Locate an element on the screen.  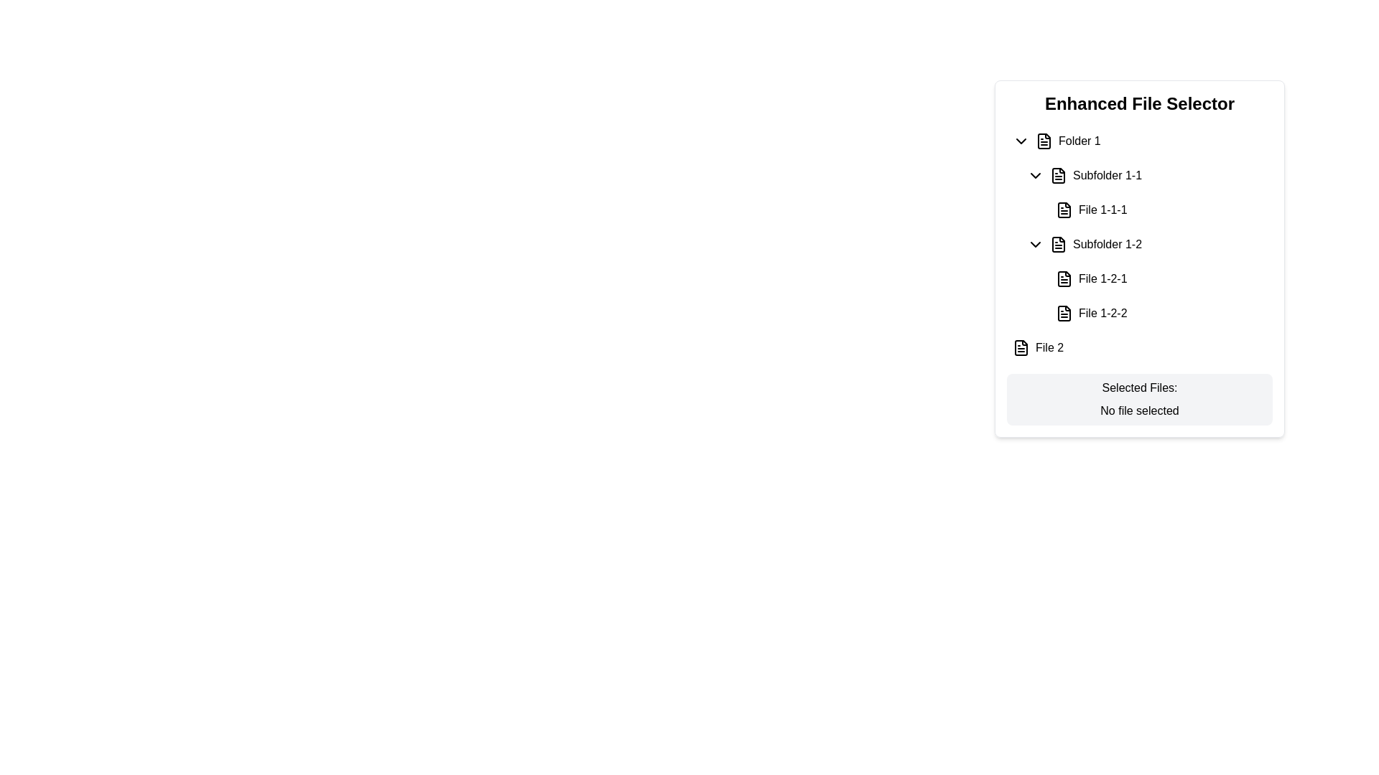
to select the file named 'File 1-2-2' in the 'Subfolder 1-2' section of the file selector interface is located at coordinates (1146, 312).